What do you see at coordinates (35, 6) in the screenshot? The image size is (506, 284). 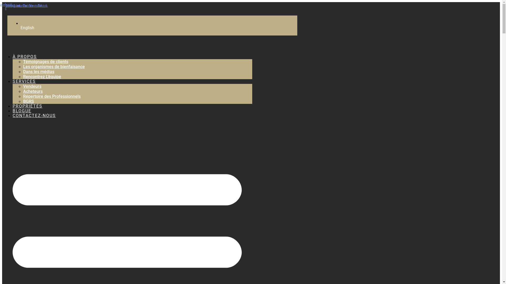 I see `'Youtube'` at bounding box center [35, 6].